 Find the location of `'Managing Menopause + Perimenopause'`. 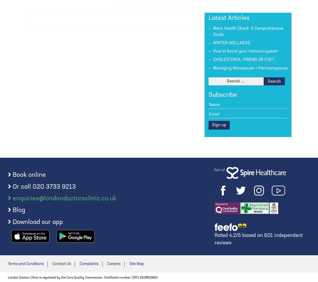

'Managing Menopause + Perimenopause' is located at coordinates (250, 68).